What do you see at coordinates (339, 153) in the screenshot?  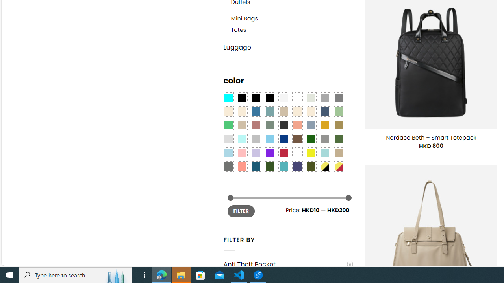 I see `'Khaki'` at bounding box center [339, 153].